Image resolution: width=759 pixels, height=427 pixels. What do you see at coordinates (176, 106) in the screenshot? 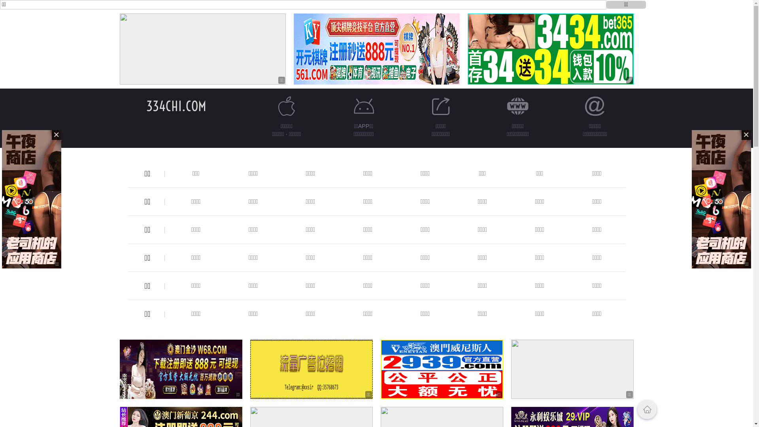
I see `'334CHI.COM'` at bounding box center [176, 106].